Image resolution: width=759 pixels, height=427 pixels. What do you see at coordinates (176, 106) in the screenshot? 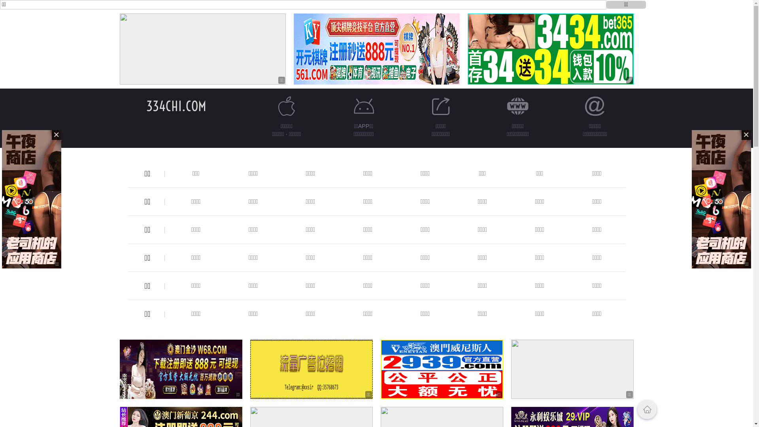
I see `'334CHI.COM'` at bounding box center [176, 106].